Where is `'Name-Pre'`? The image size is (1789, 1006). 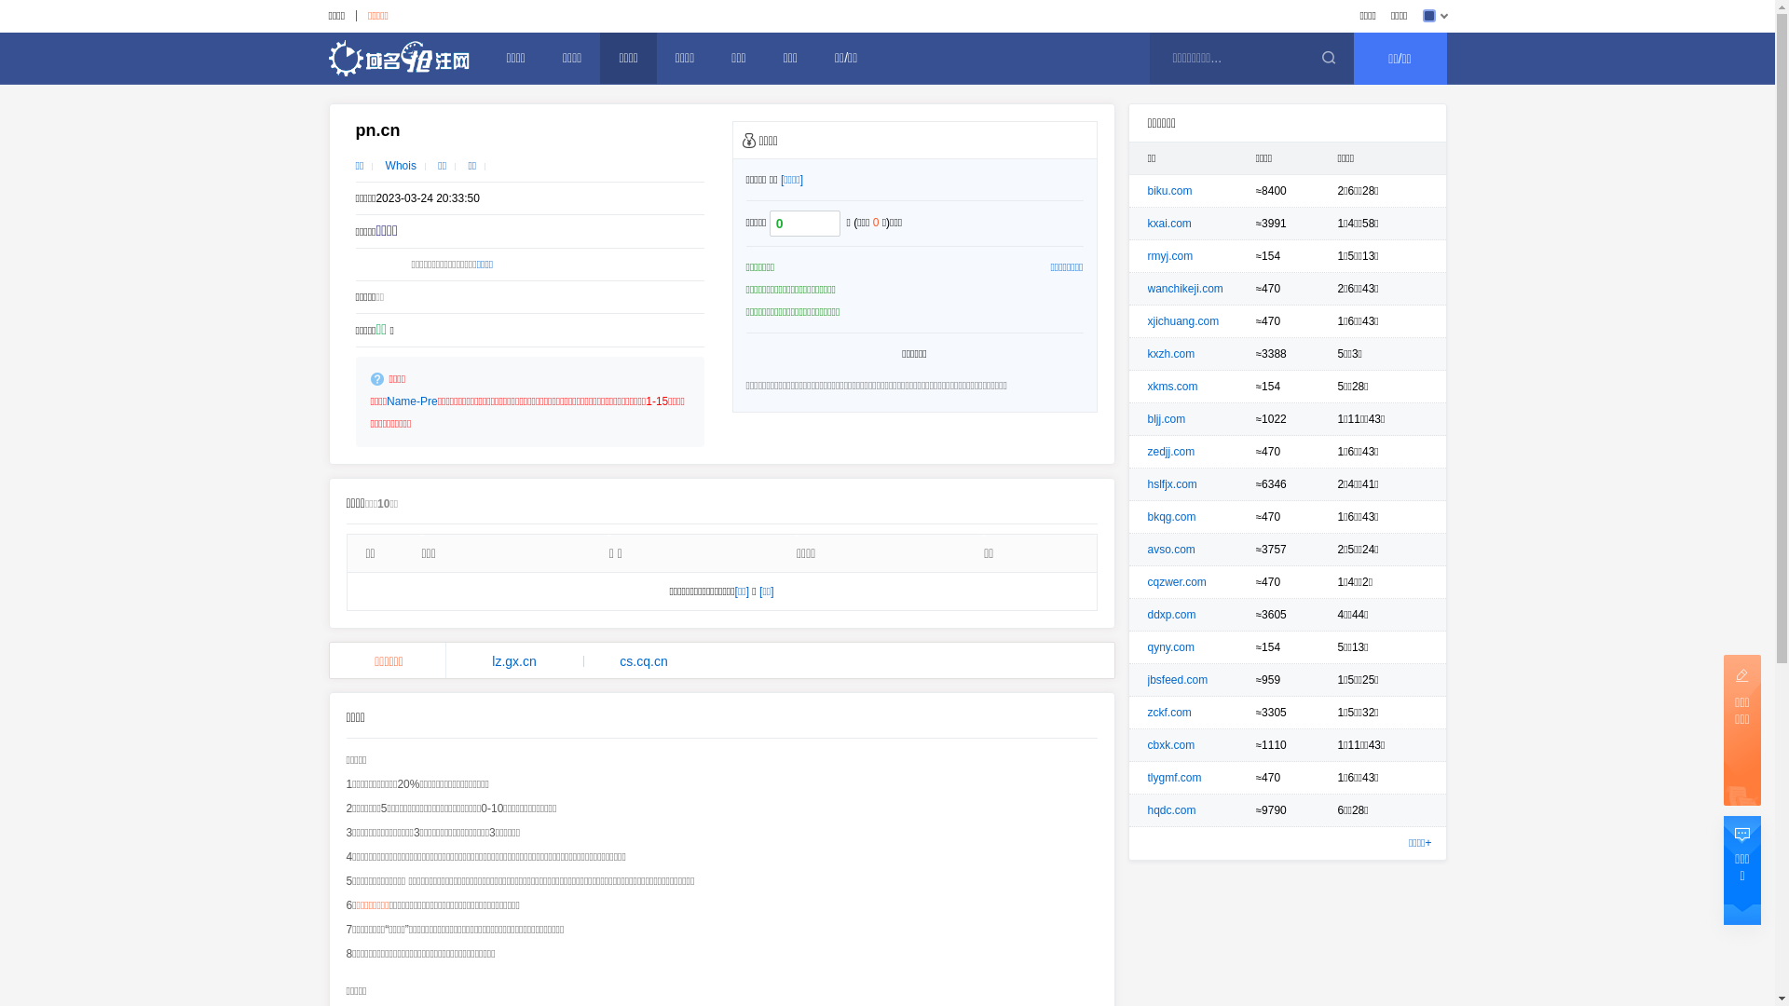 'Name-Pre' is located at coordinates (411, 401).